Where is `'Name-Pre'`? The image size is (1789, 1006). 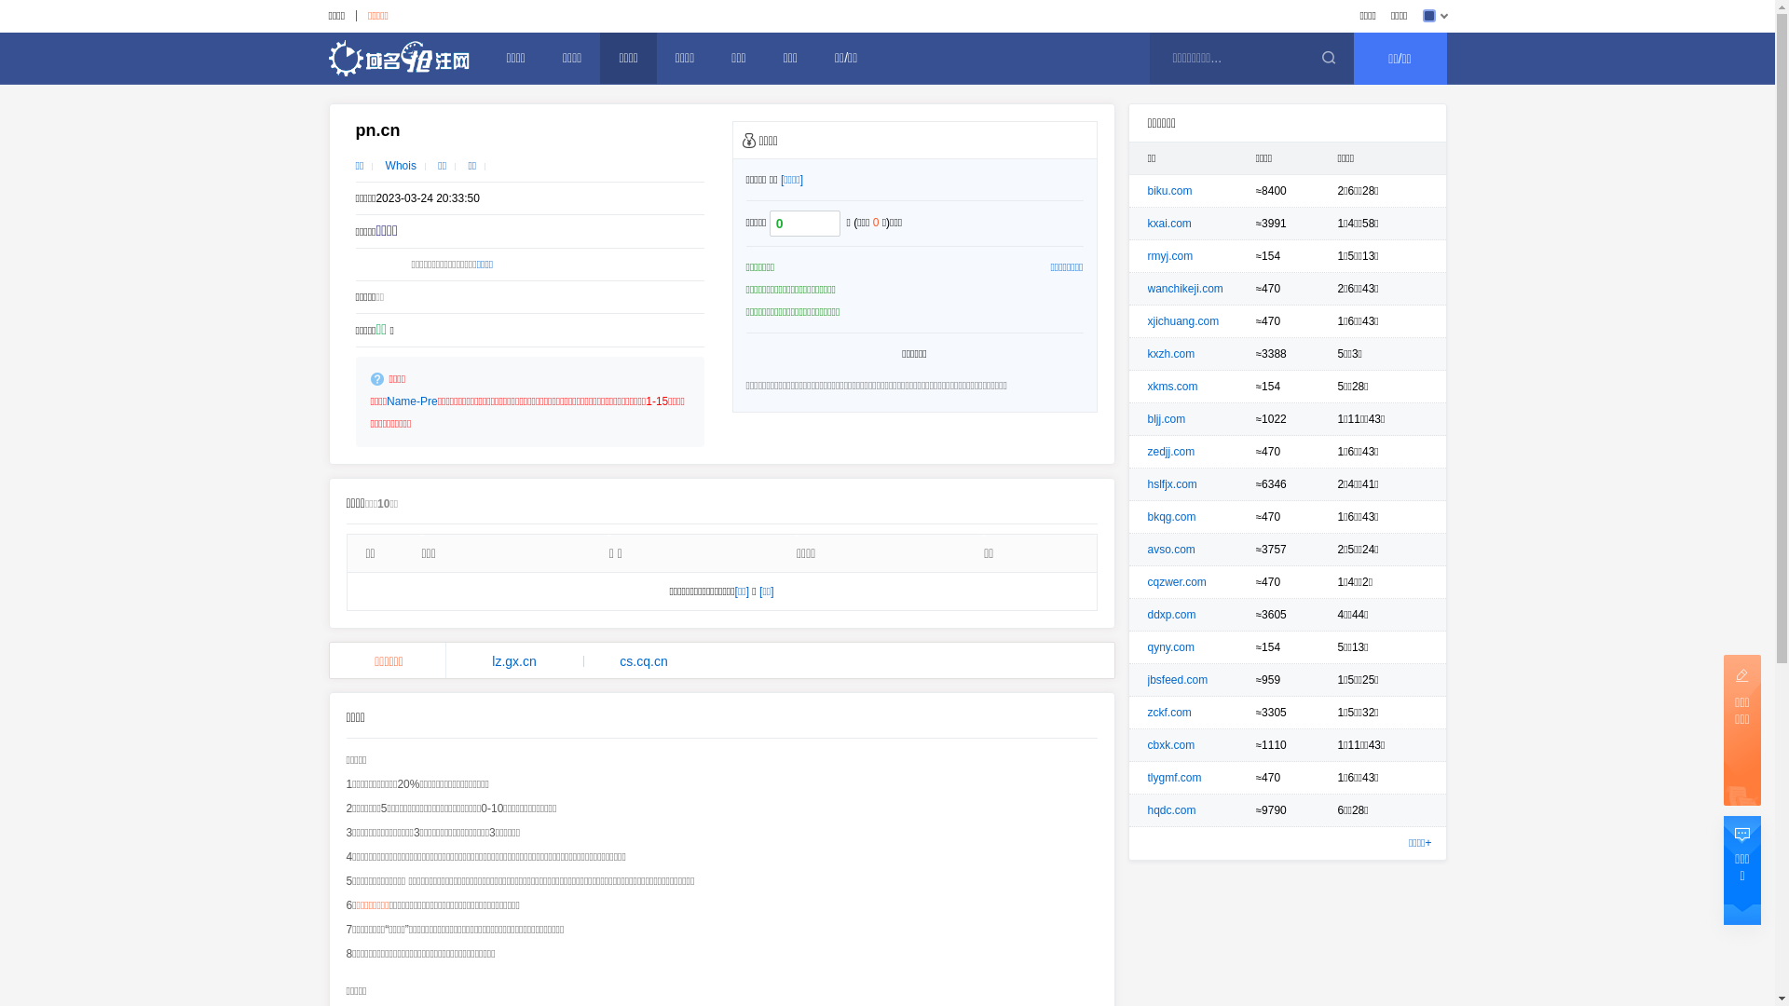 'Name-Pre' is located at coordinates (411, 401).